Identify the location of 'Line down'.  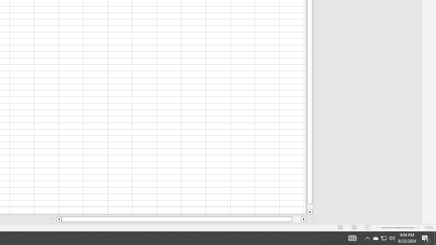
(309, 212).